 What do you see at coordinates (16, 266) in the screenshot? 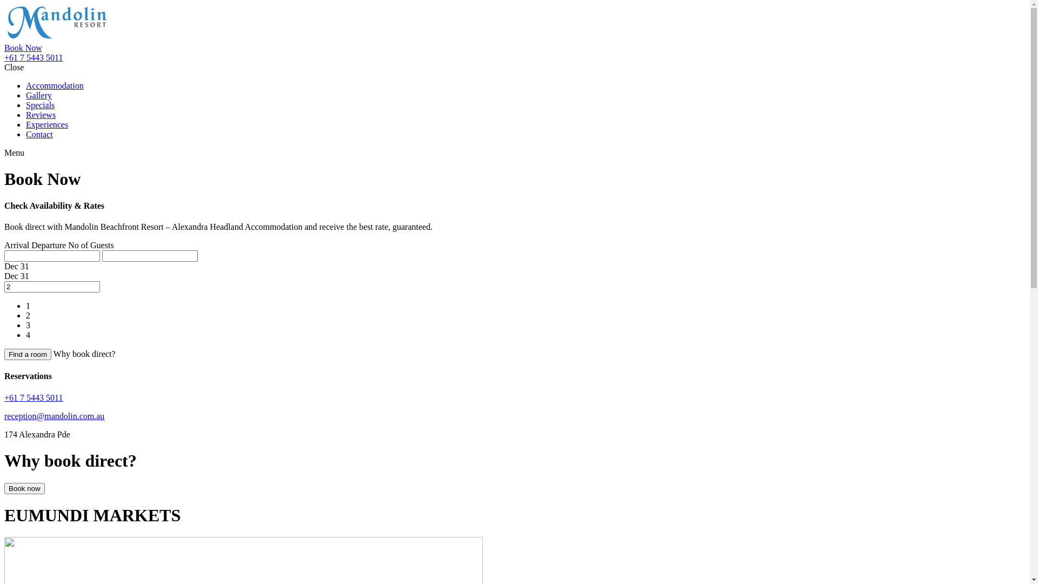
I see `'Dec 31'` at bounding box center [16, 266].